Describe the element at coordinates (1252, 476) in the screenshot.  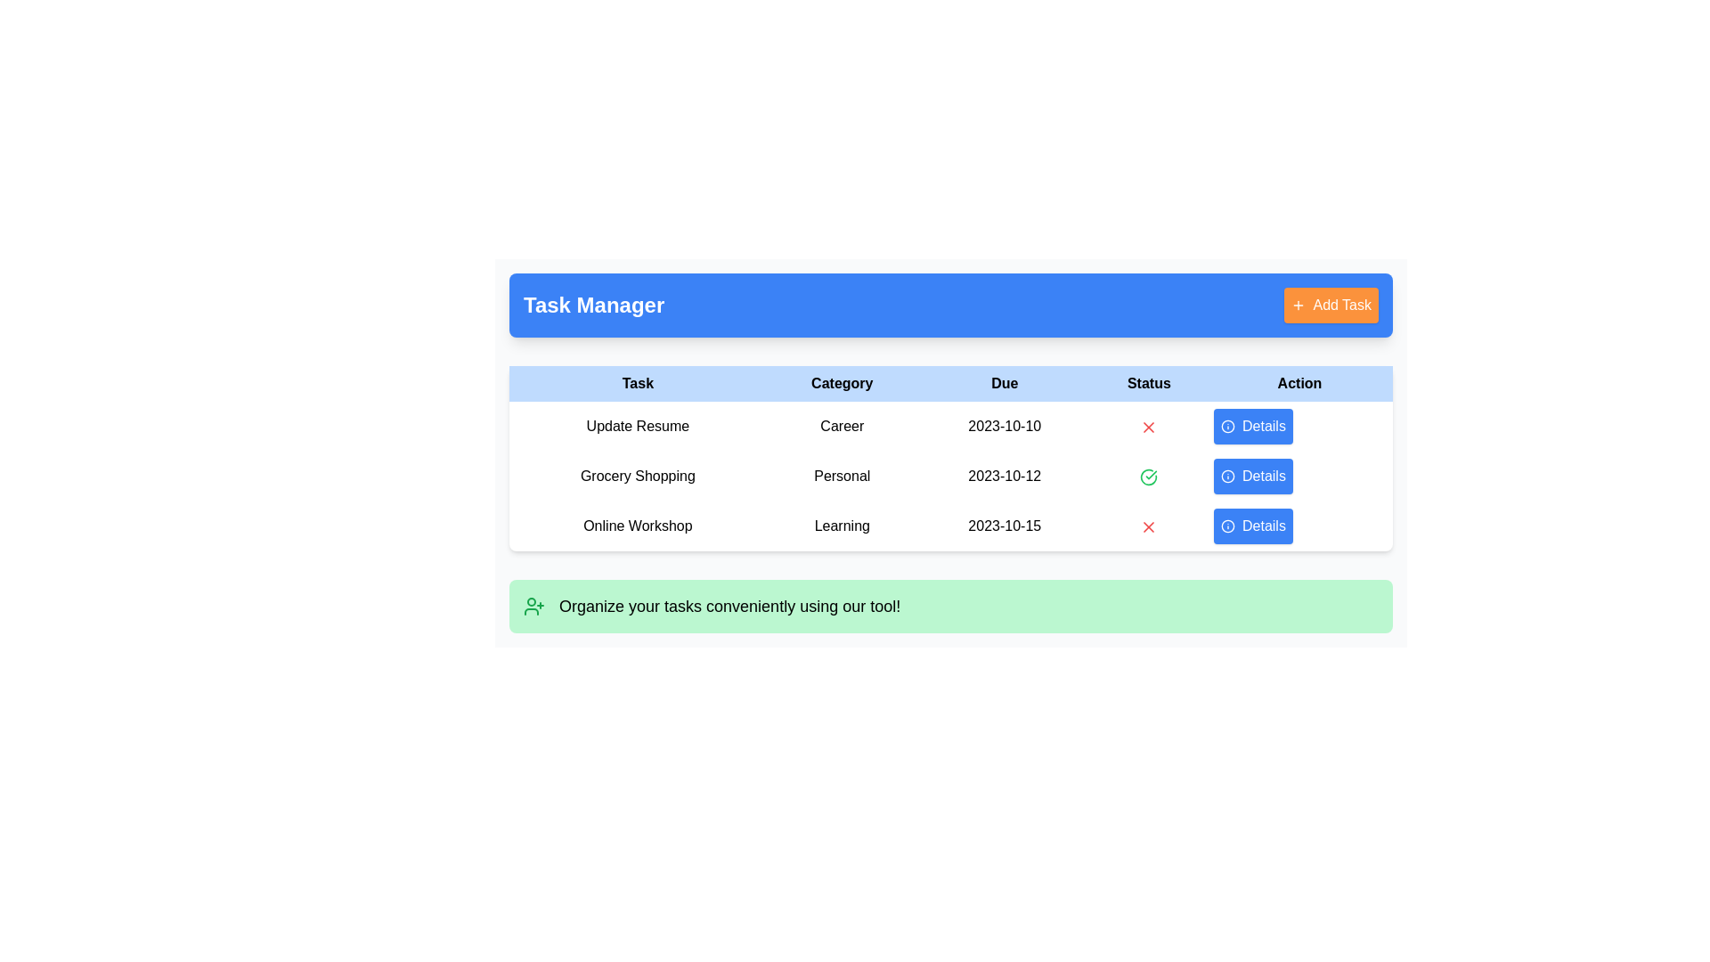
I see `the blue rectangular button labeled 'Details' with a white 'i' information icon on the left side, located in the second row of the 'Action' section next to 'Grocery Shopping'` at that location.